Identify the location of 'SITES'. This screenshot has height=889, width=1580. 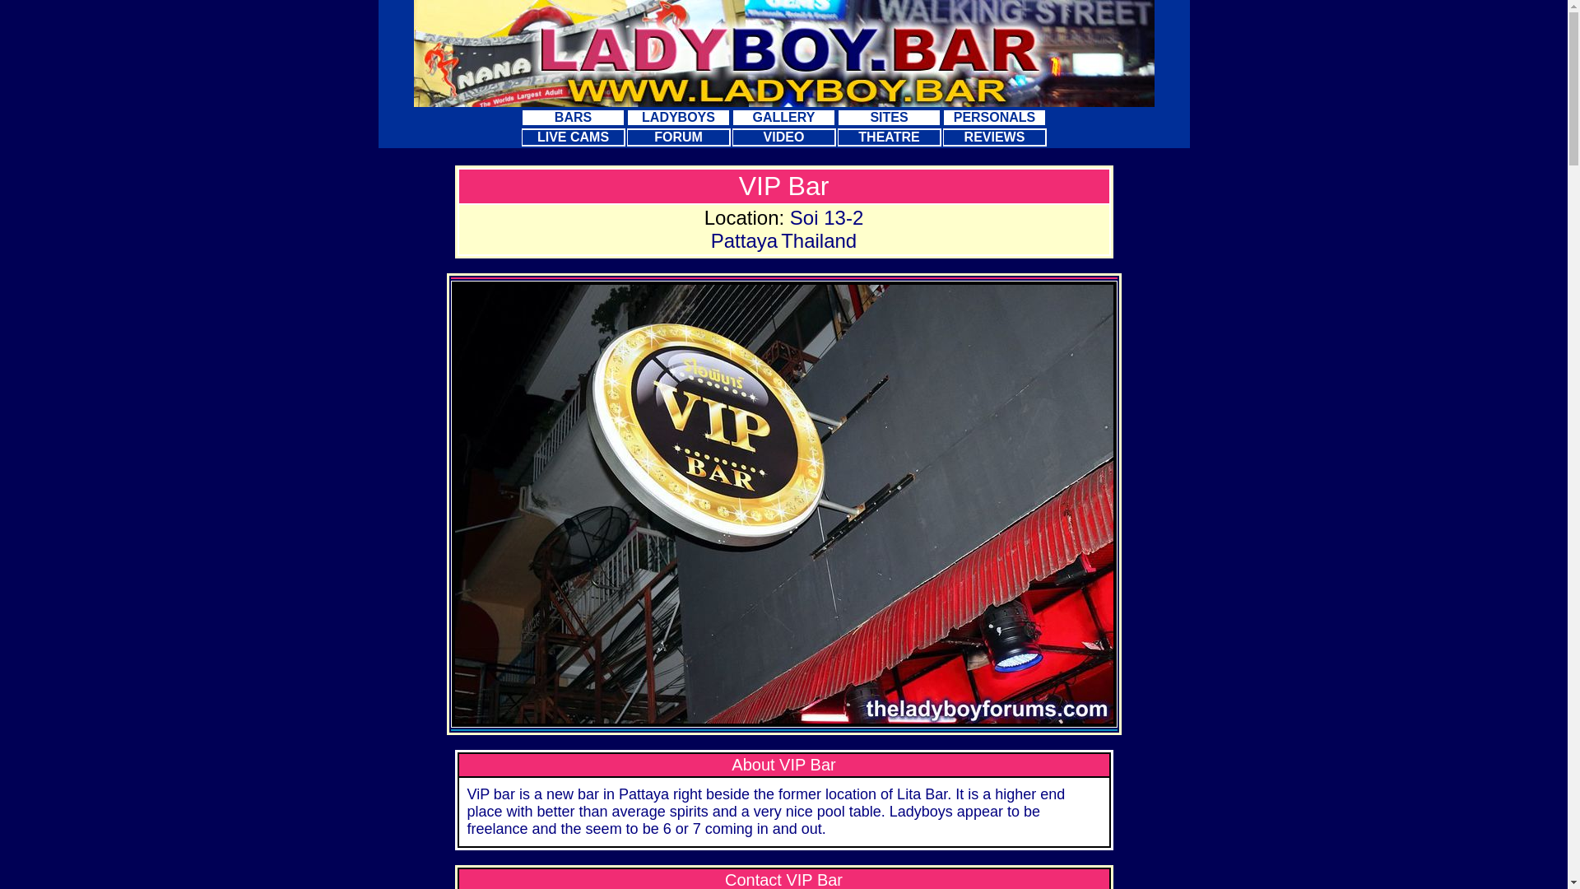
(837, 116).